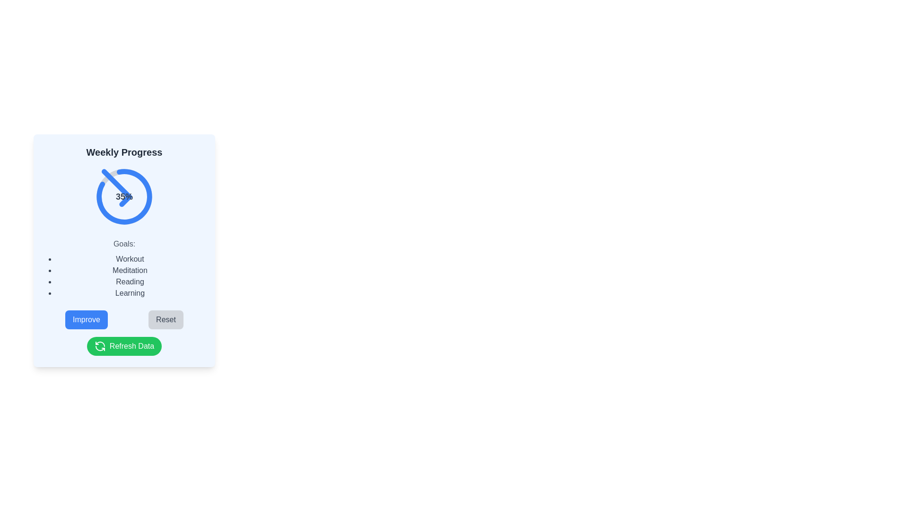  Describe the element at coordinates (129, 259) in the screenshot. I see `the 'Workout' text label, which is the first item in the vertical list under the 'Goals' section in the 'Weekly Progress' panel` at that location.